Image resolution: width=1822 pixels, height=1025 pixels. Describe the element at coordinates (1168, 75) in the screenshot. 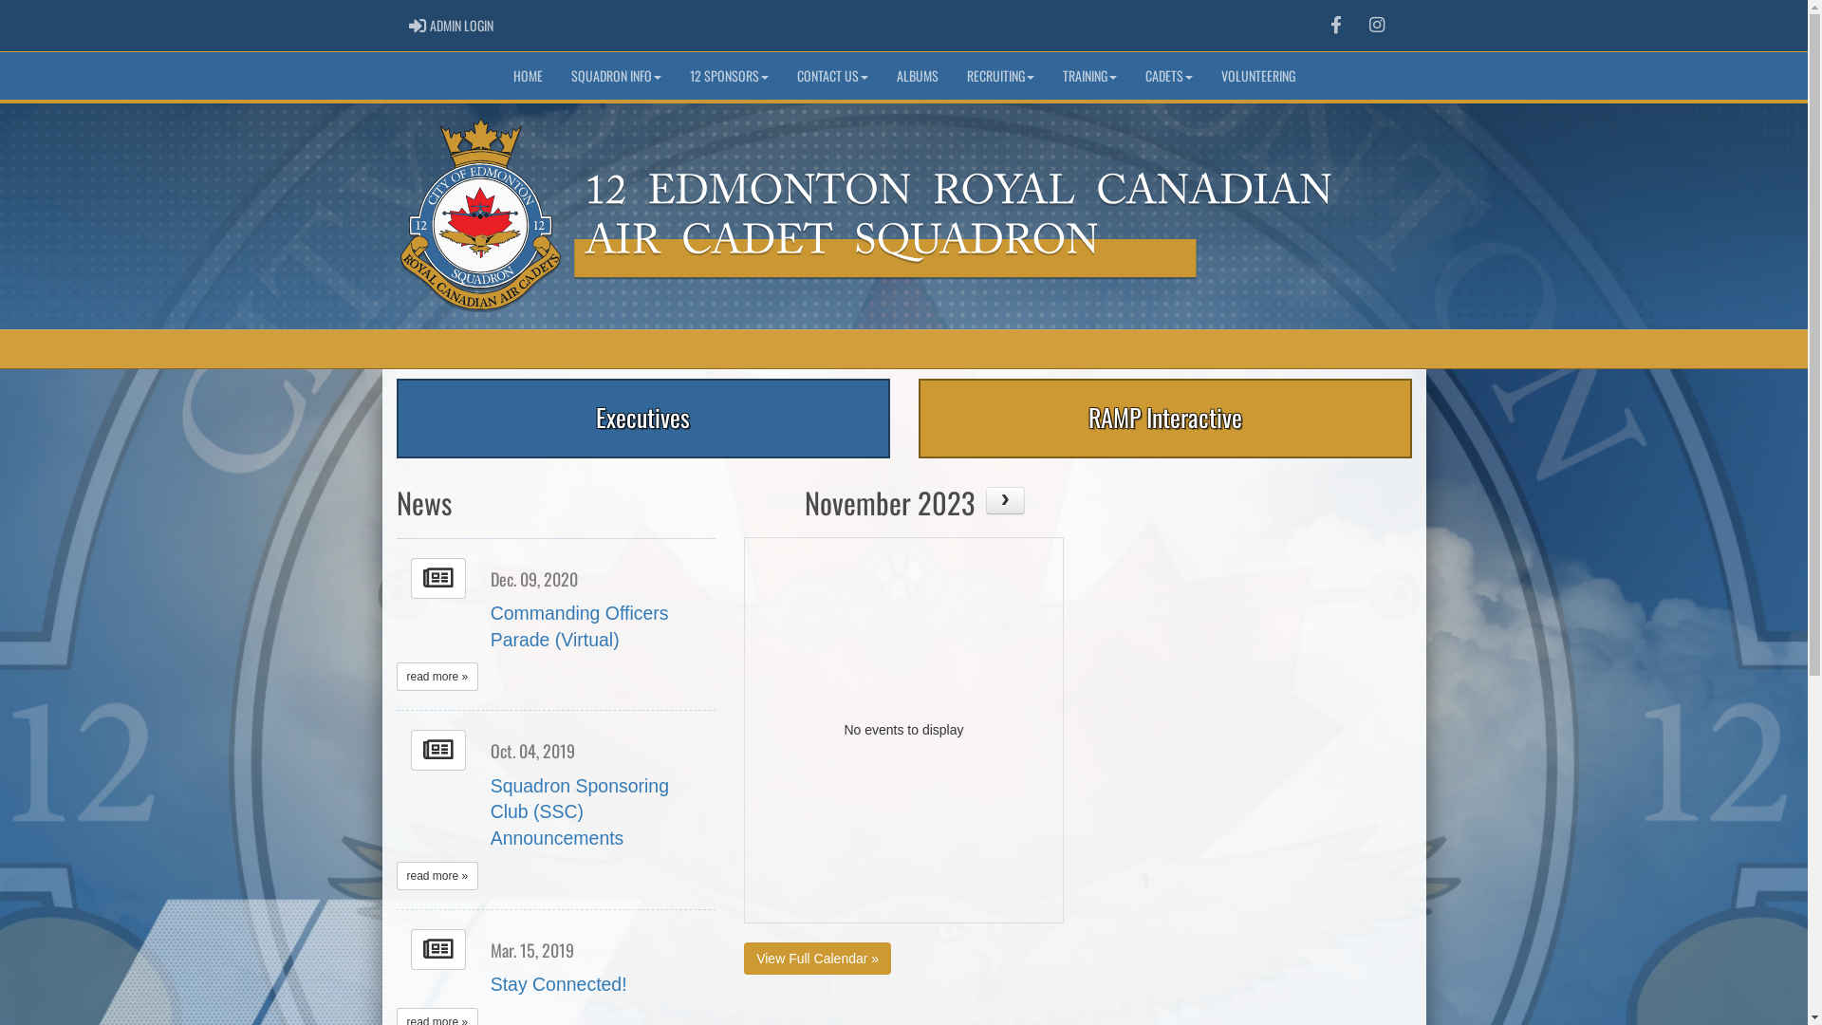

I see `'CADETS'` at that location.